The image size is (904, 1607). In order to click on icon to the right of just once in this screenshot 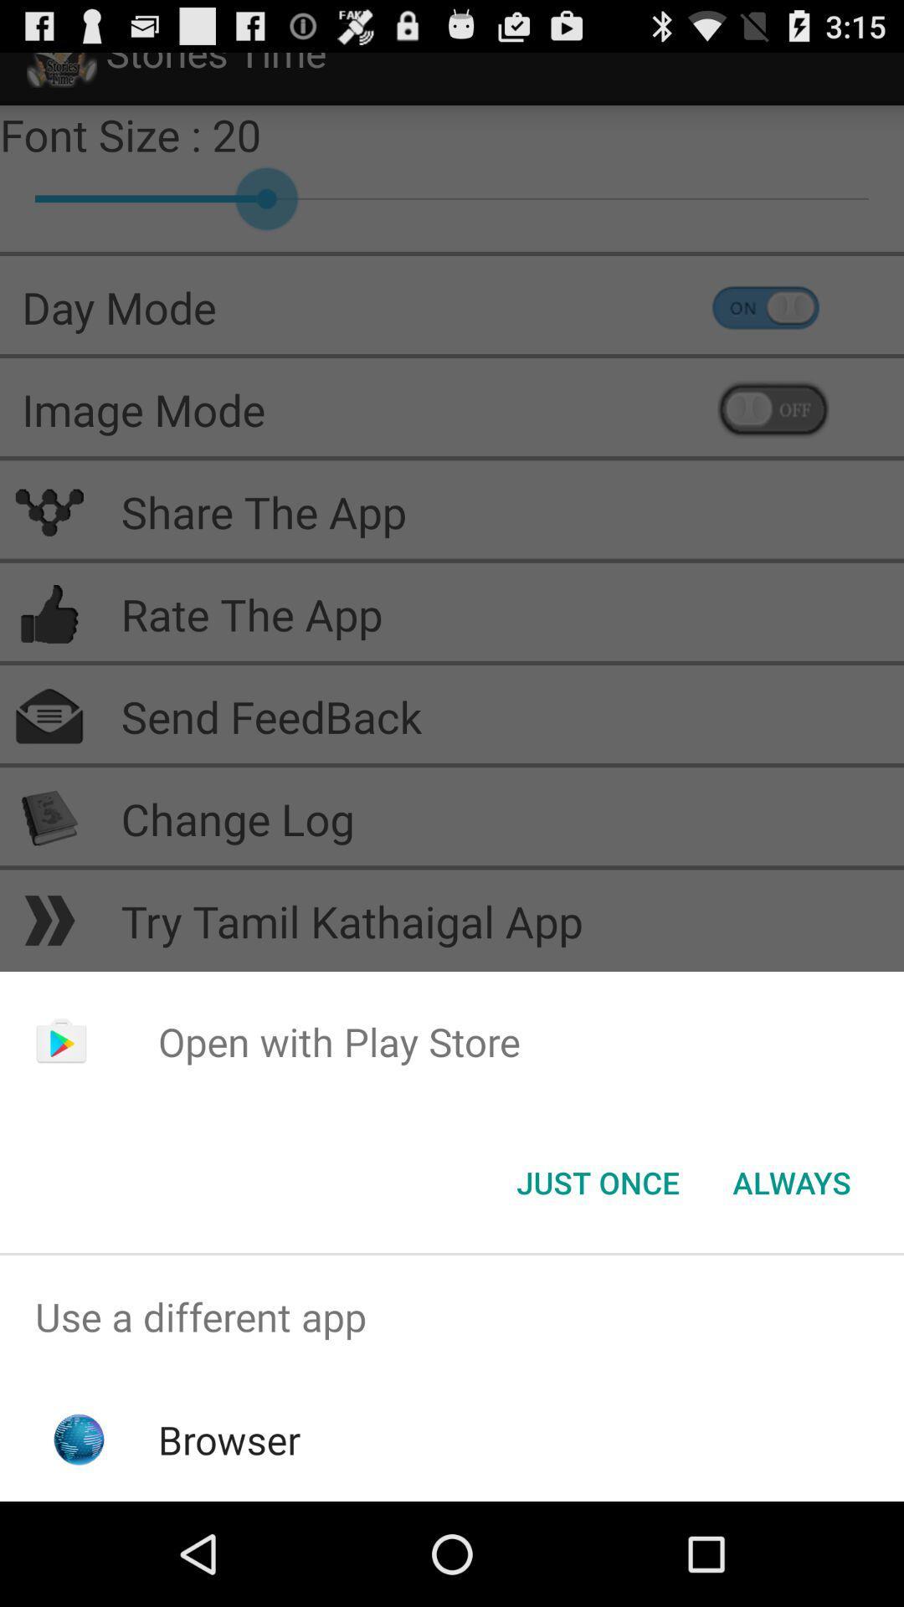, I will do `click(791, 1181)`.